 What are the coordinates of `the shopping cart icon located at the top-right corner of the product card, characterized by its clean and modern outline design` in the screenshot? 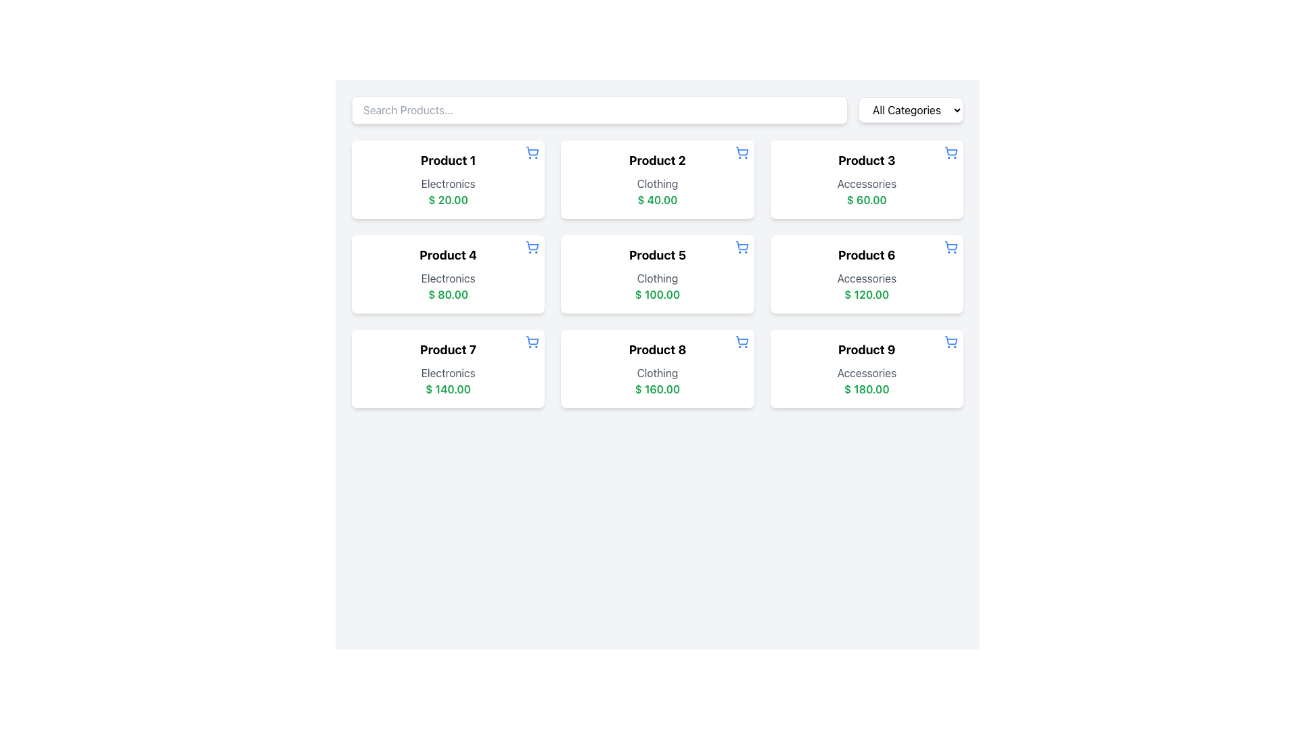 It's located at (532, 339).